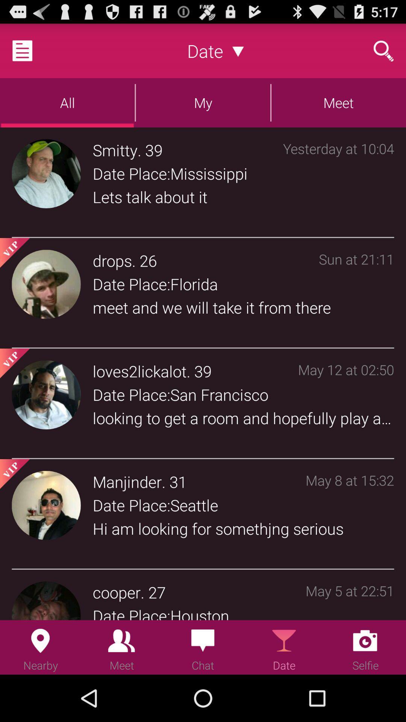 The height and width of the screenshot is (722, 406). What do you see at coordinates (127, 482) in the screenshot?
I see `icon next to .  icon` at bounding box center [127, 482].